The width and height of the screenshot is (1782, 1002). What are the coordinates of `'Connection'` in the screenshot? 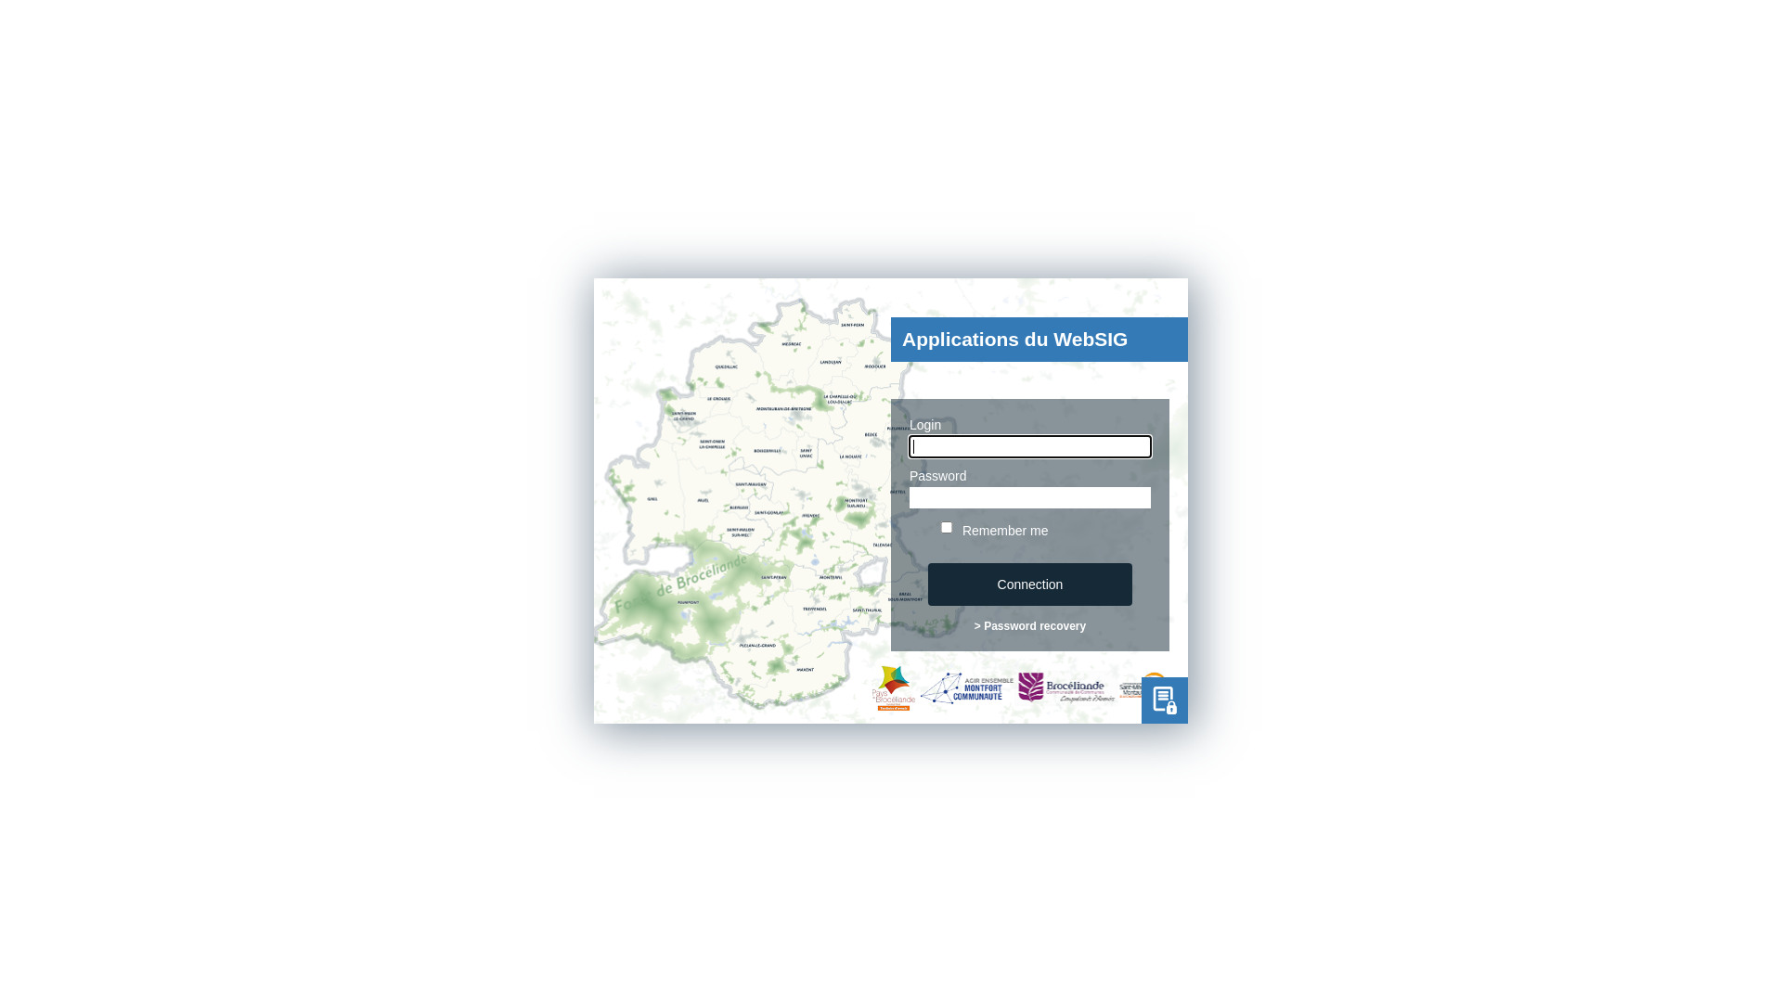 It's located at (1028, 583).